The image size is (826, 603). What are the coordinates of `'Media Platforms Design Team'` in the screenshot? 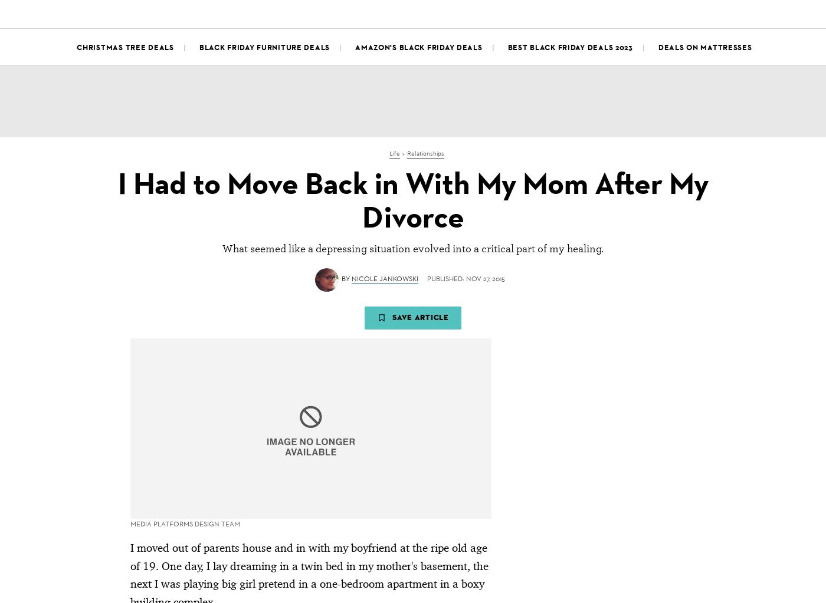 It's located at (185, 192).